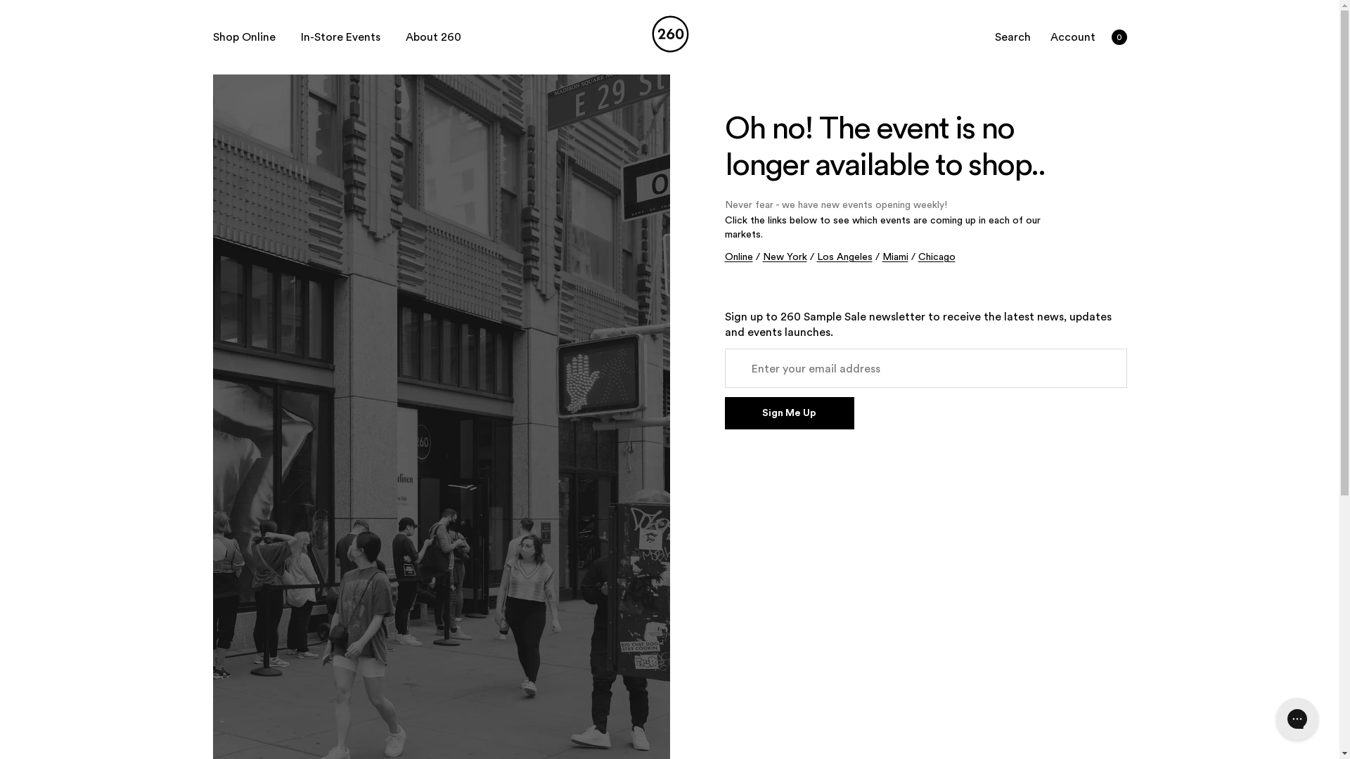  What do you see at coordinates (724, 412) in the screenshot?
I see `'Sign Me Up'` at bounding box center [724, 412].